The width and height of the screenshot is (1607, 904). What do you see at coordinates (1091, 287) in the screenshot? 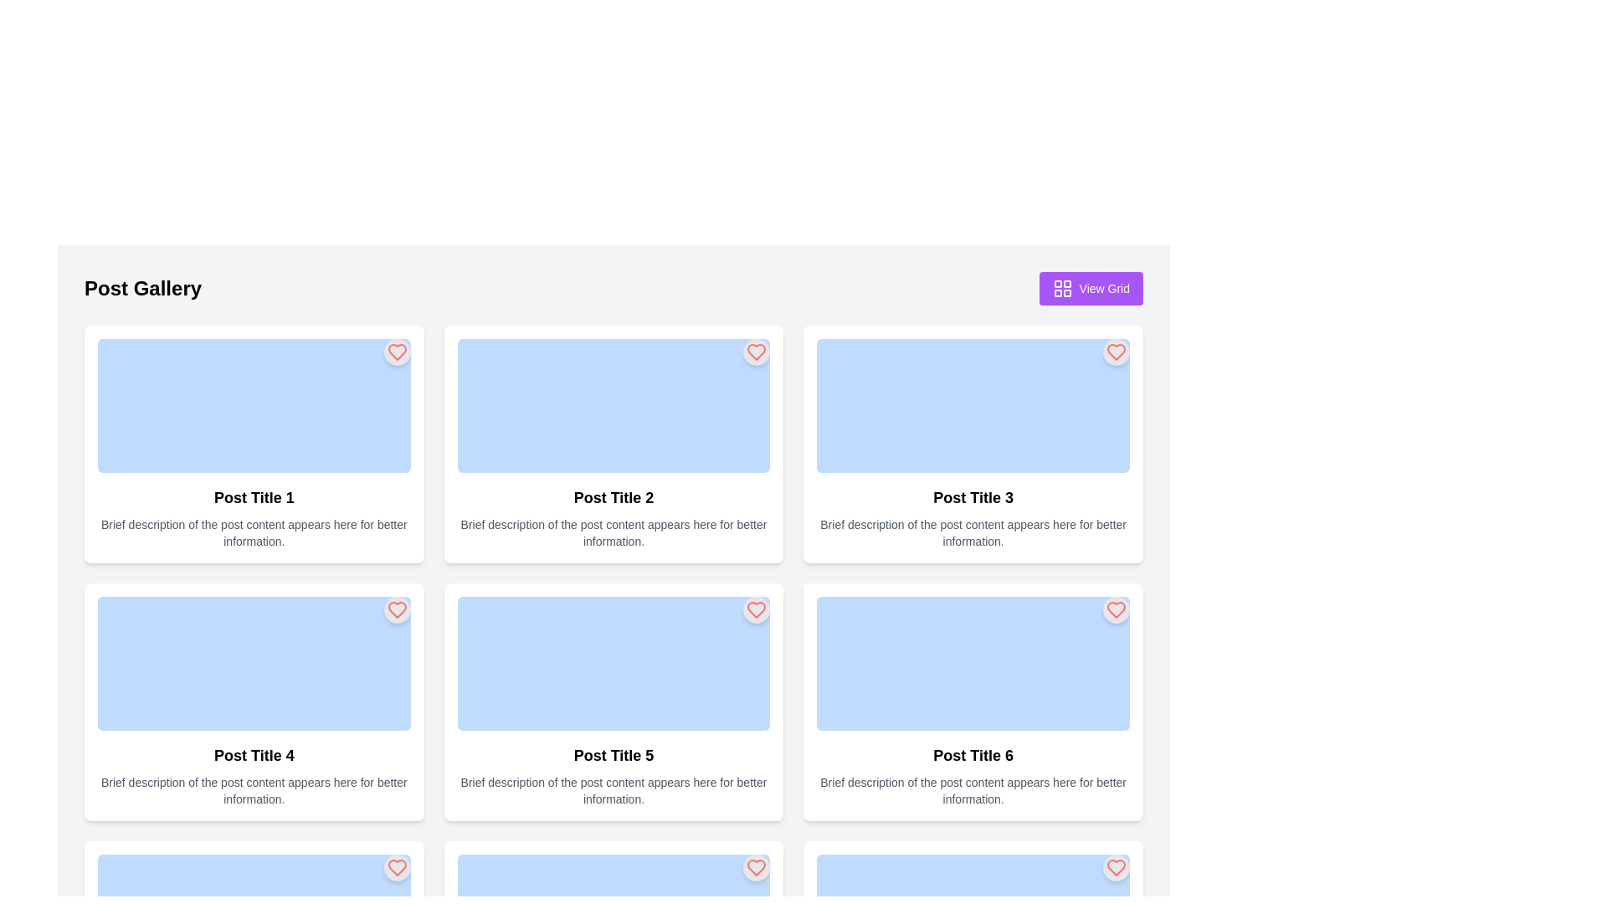
I see `the 'View Grid' button, which is a rectangular button with rounded corners, styled in purple and labeled with white text, located in the upper-right corner of the 'Post Gallery' section` at bounding box center [1091, 287].